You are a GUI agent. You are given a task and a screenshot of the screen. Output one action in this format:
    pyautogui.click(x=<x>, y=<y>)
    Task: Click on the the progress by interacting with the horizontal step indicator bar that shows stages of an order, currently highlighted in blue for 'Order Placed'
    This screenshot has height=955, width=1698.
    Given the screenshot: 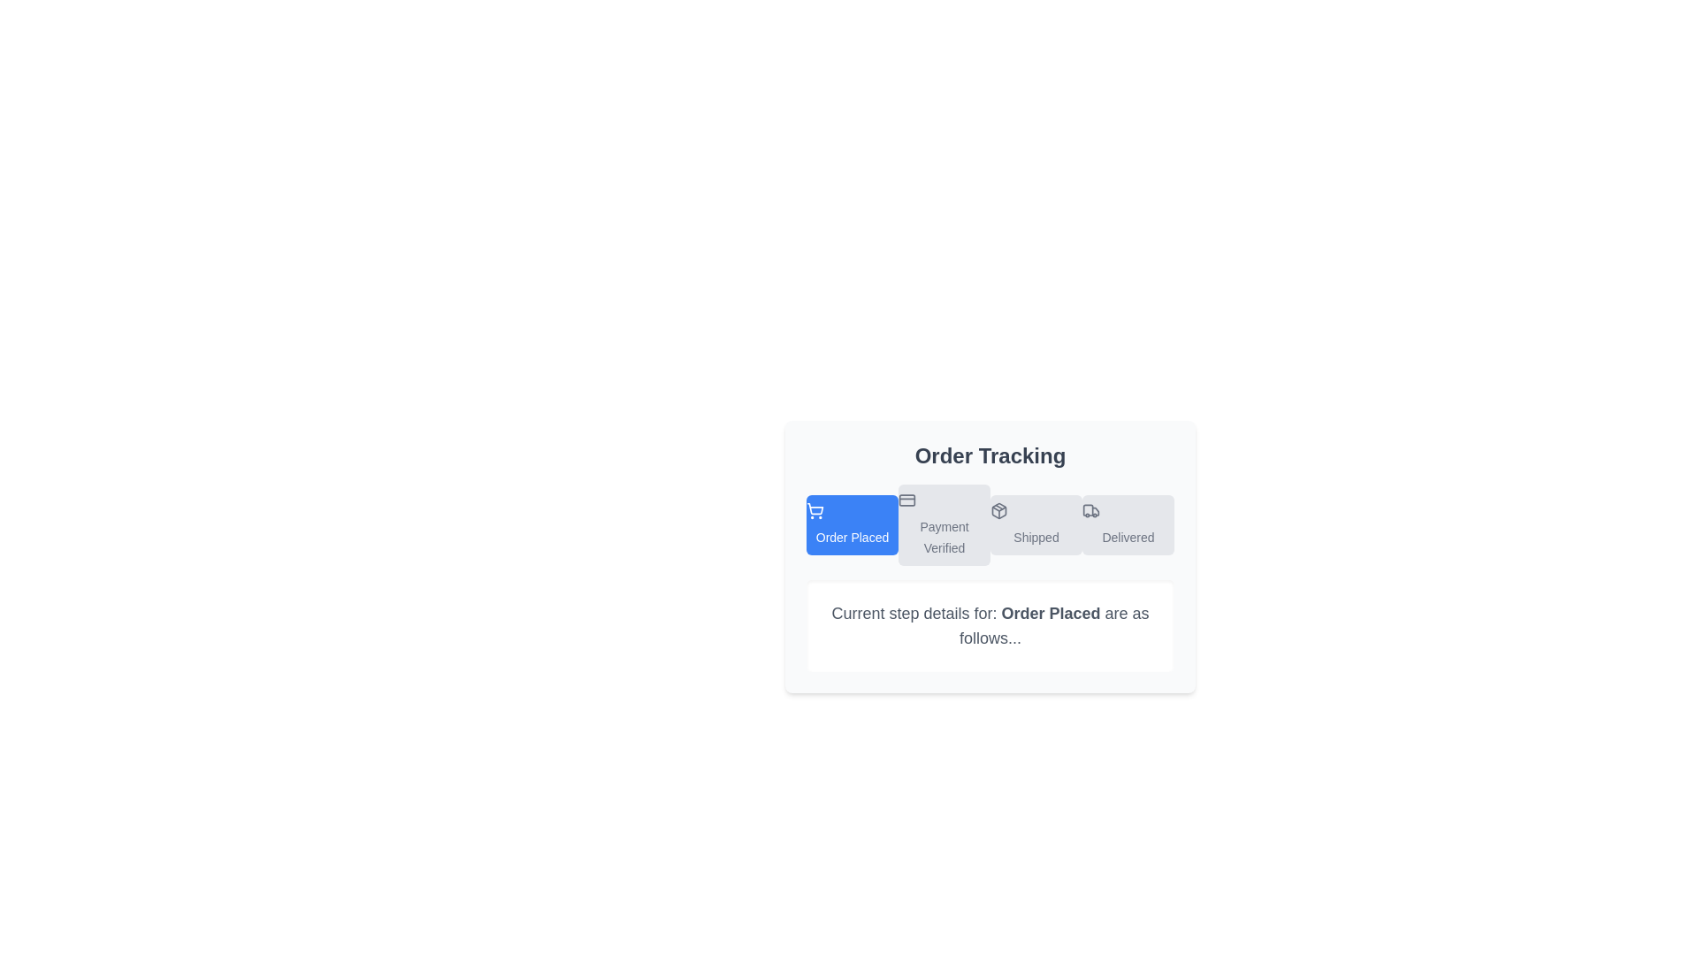 What is the action you would take?
    pyautogui.click(x=989, y=524)
    